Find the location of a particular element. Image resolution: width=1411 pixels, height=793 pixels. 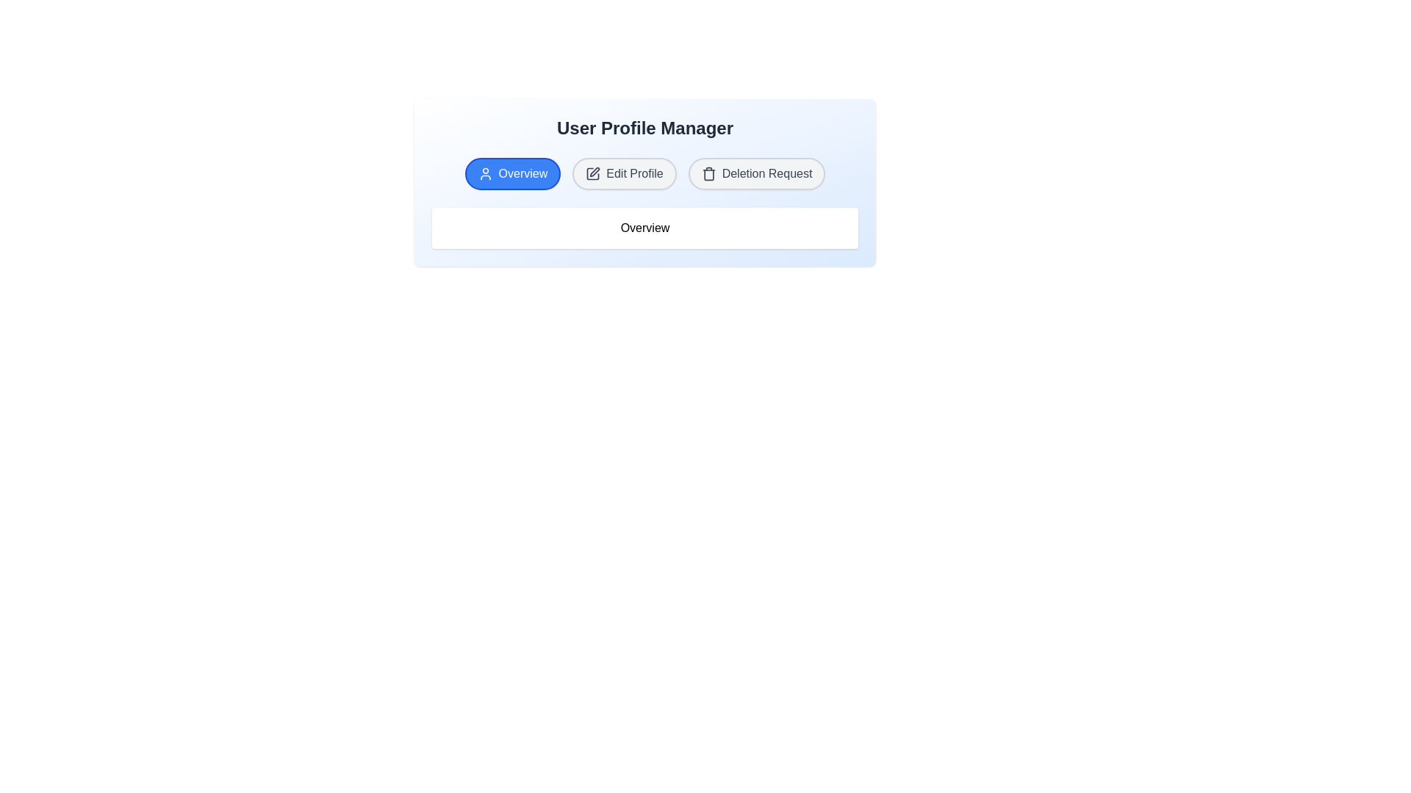

the Deletion Request tab to observe its hover effect is located at coordinates (757, 173).